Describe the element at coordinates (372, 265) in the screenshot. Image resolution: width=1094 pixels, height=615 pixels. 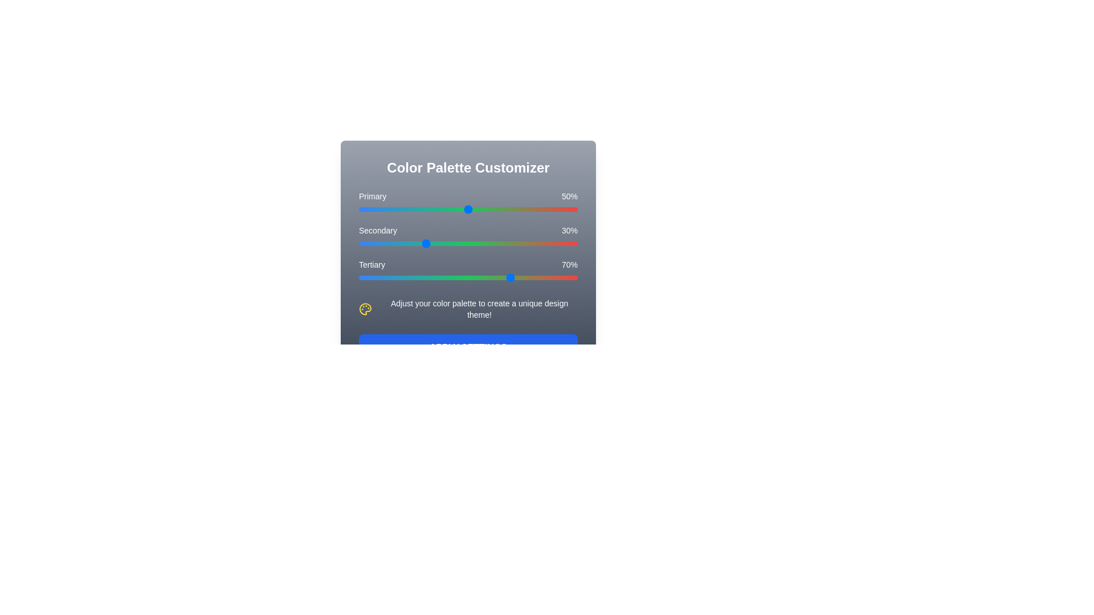
I see `the text label that identifies the slider for the color aspect 'tertiary', which is aligned with the text '70%' on the far-right side` at that location.